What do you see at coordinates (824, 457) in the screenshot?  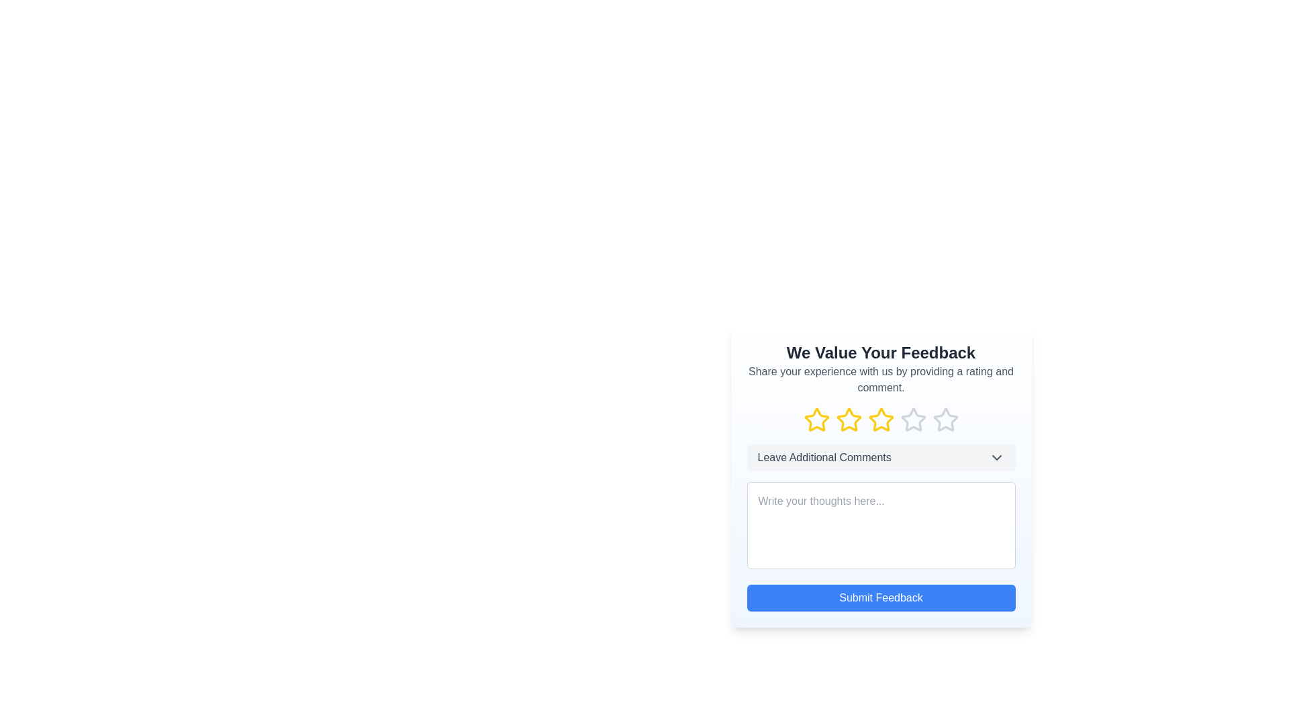 I see `the 'Leave Additional Comments' label, which is a medium-weight gray text positioned centrally above a text input field in the feedback form layout` at bounding box center [824, 457].